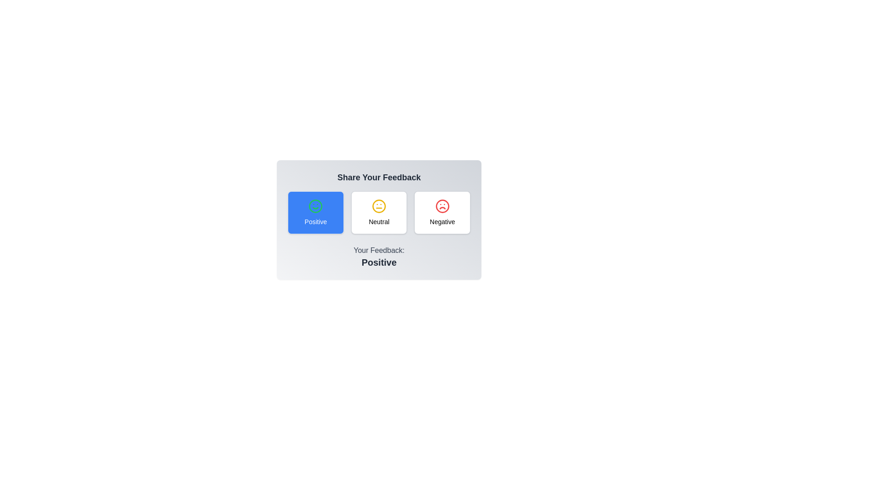 This screenshot has height=493, width=877. Describe the element at coordinates (379, 213) in the screenshot. I see `the feedback button labeled Neutral` at that location.